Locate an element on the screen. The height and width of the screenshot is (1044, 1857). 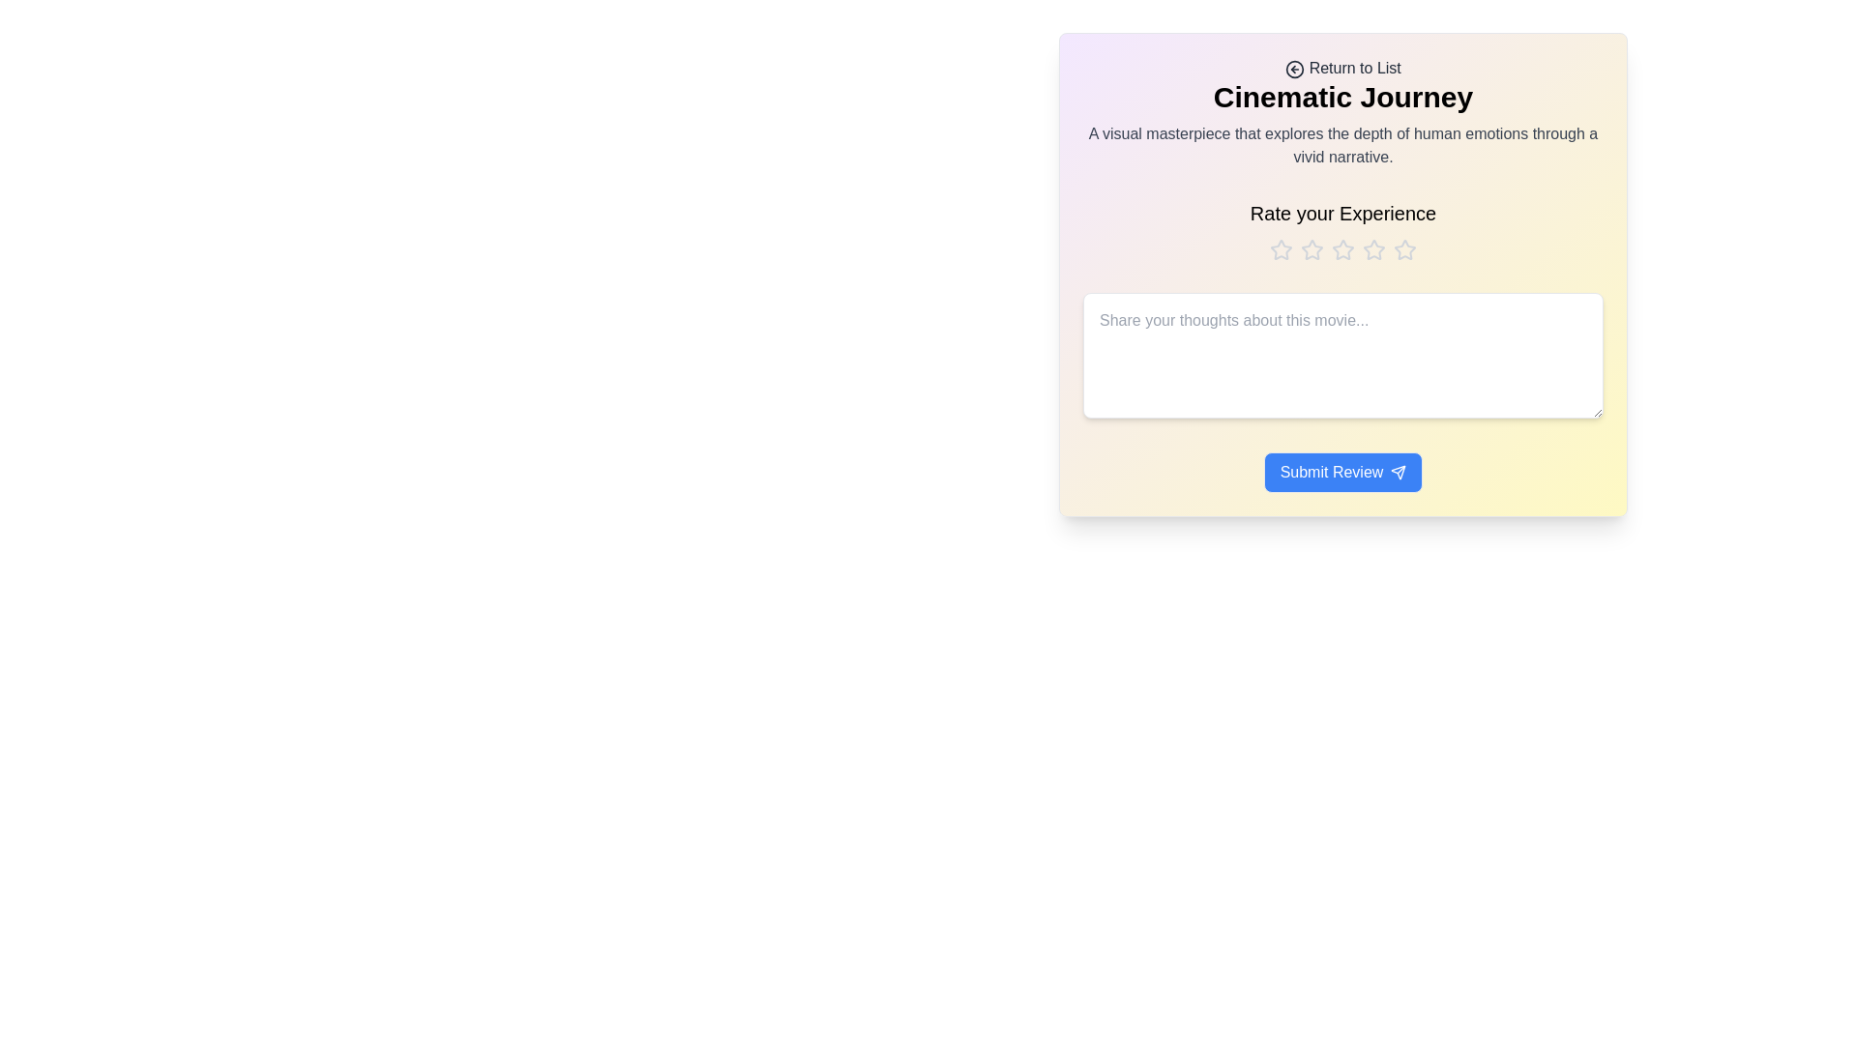
the navigation icon located at the top-left side of the header, preceding the 'Return to List' label is located at coordinates (1295, 68).